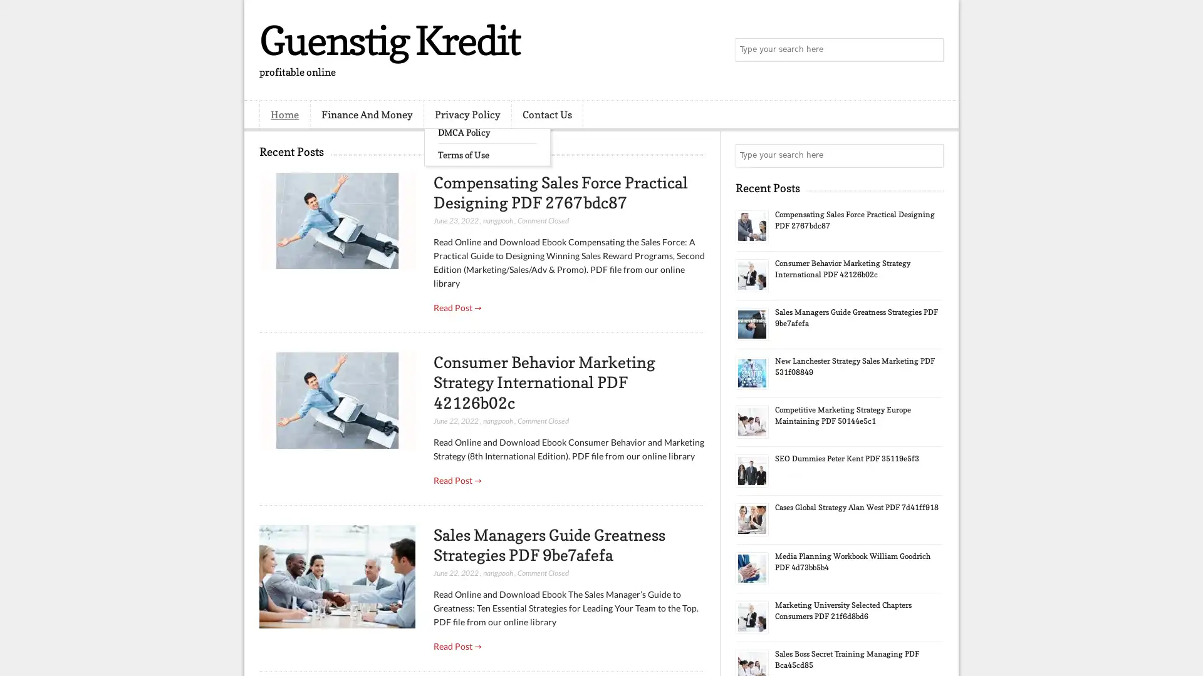 Image resolution: width=1203 pixels, height=676 pixels. Describe the element at coordinates (930, 50) in the screenshot. I see `Search` at that location.